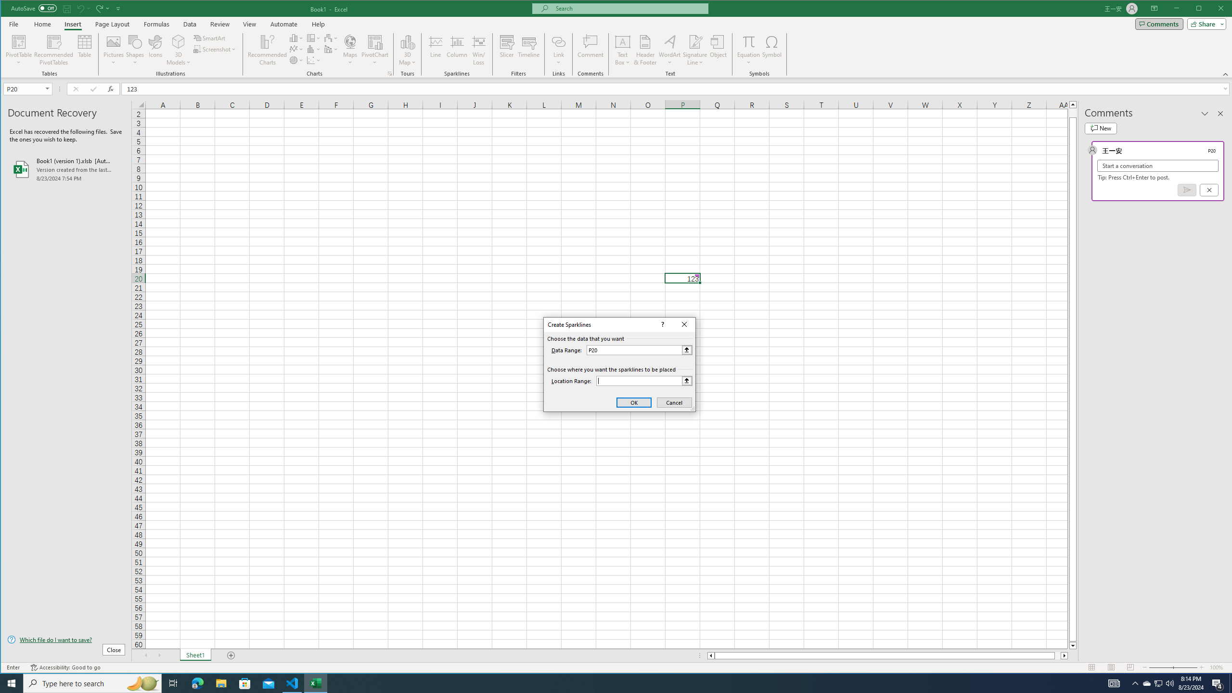 The image size is (1232, 693). What do you see at coordinates (1187, 190) in the screenshot?
I see `'Post comment (Ctrl + Enter)'` at bounding box center [1187, 190].